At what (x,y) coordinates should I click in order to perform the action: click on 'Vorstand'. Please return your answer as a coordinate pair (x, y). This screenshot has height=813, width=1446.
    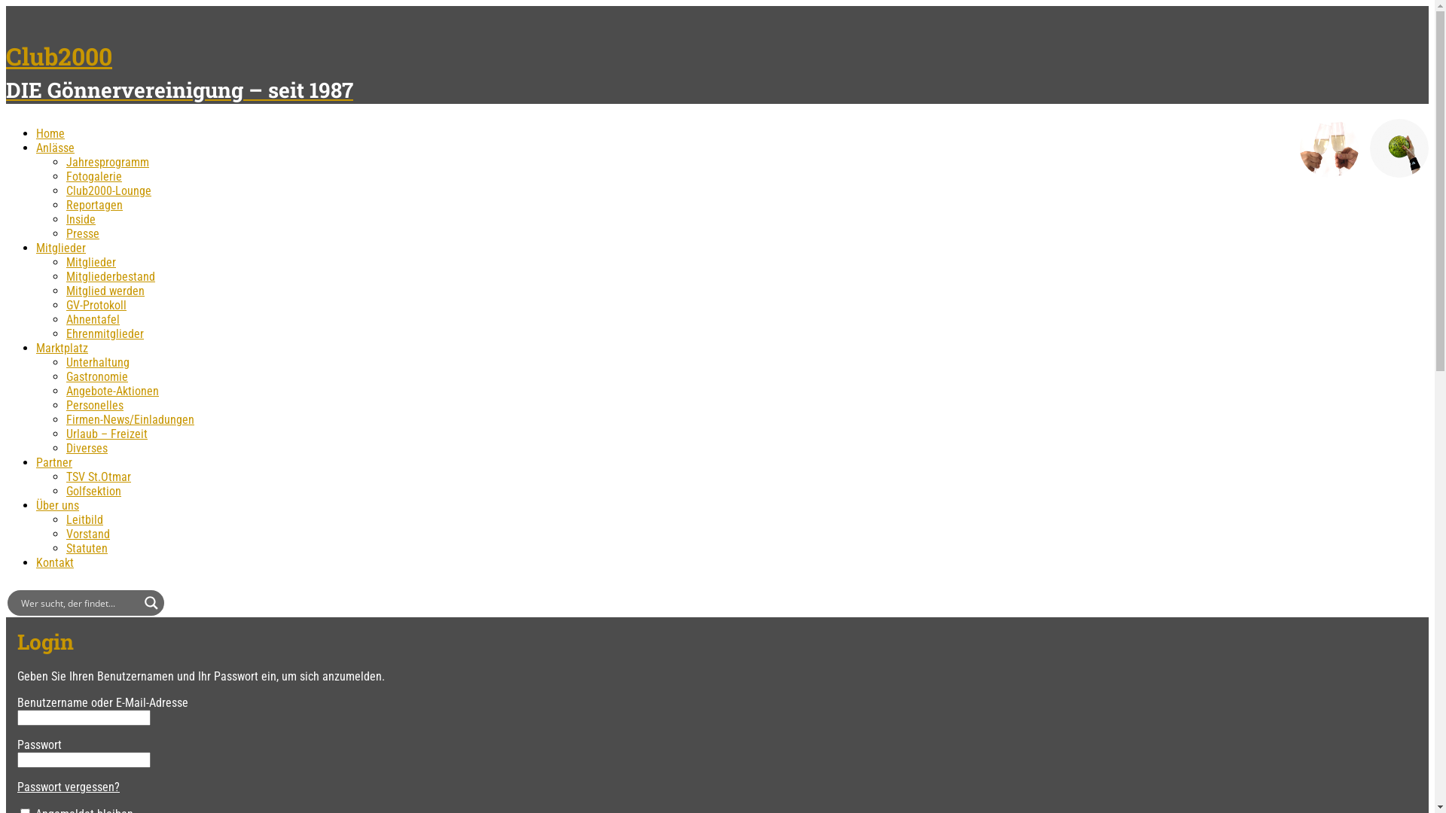
    Looking at the image, I should click on (87, 533).